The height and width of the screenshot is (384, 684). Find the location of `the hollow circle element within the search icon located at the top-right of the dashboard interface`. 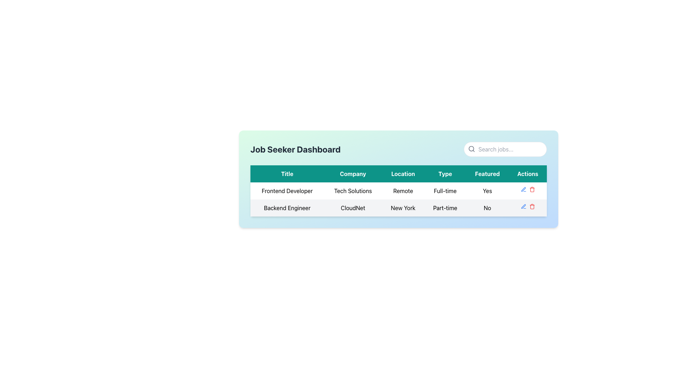

the hollow circle element within the search icon located at the top-right of the dashboard interface is located at coordinates (471, 148).